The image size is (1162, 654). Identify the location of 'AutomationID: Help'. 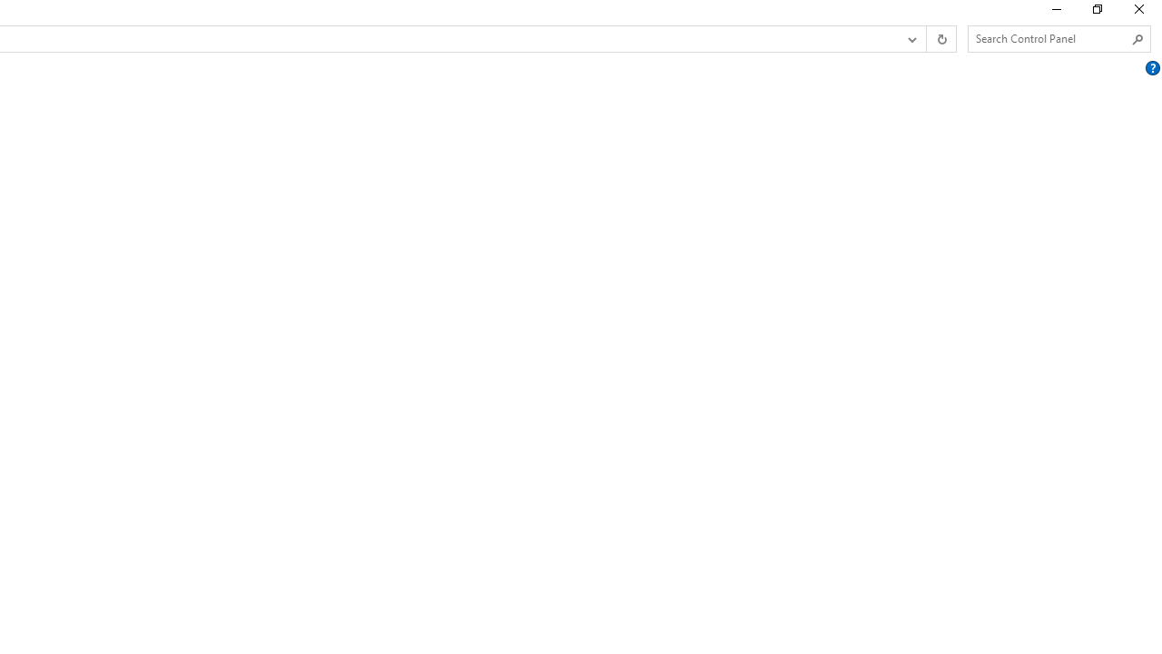
(1151, 67).